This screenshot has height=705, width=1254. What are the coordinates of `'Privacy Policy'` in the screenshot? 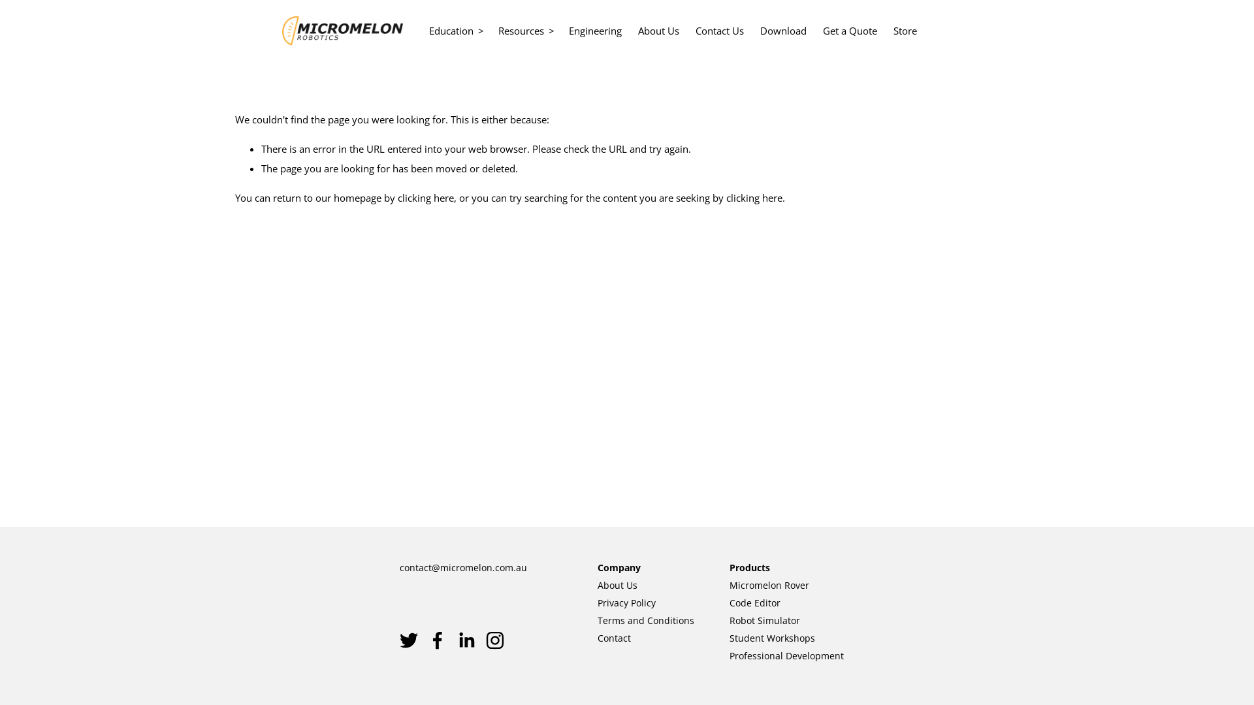 It's located at (626, 603).